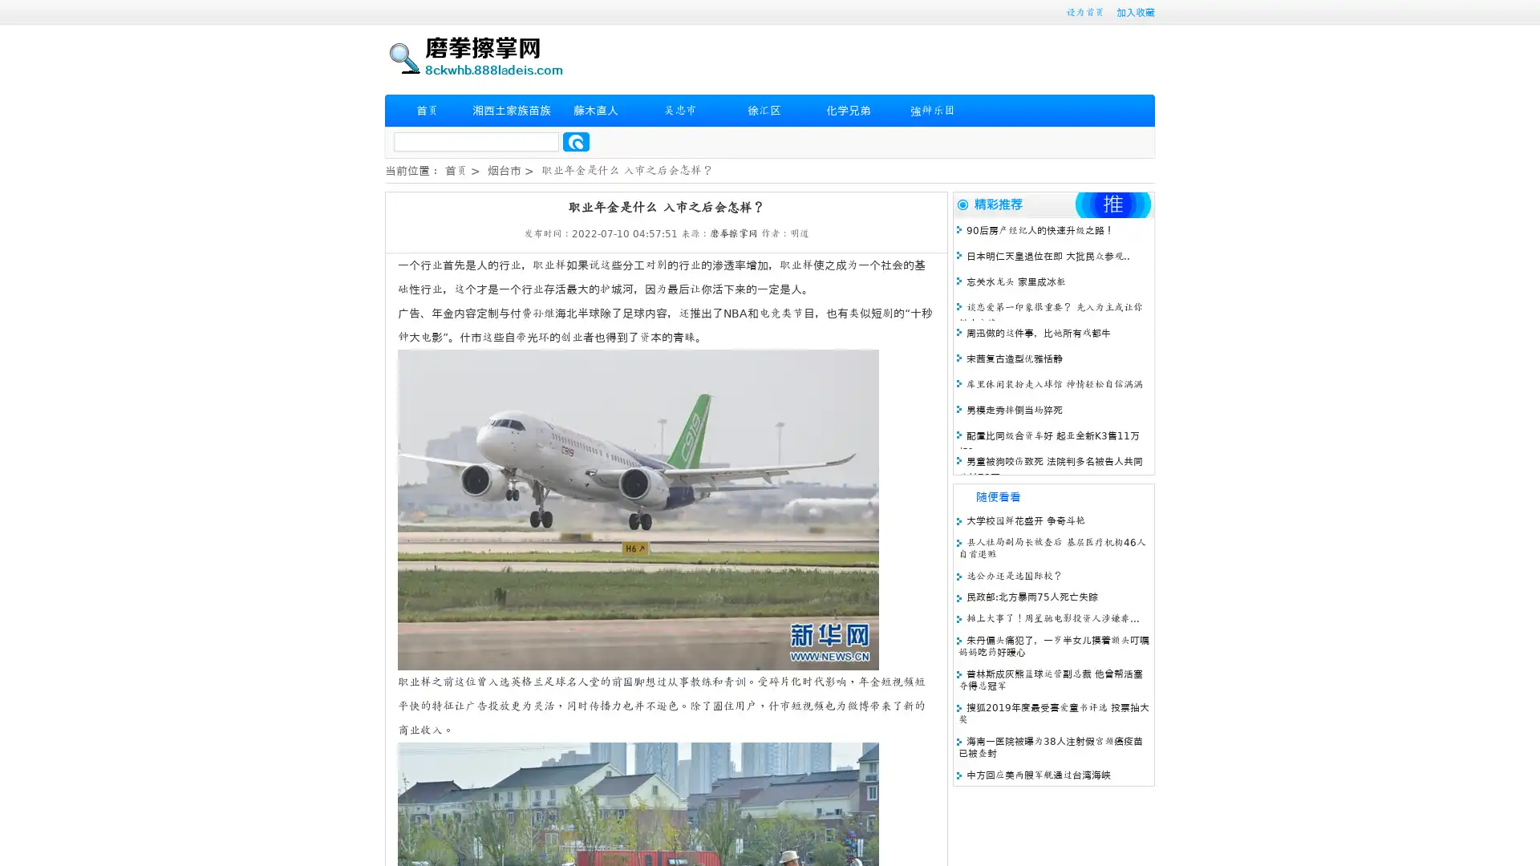 The image size is (1540, 866). What do you see at coordinates (576, 141) in the screenshot?
I see `Search` at bounding box center [576, 141].